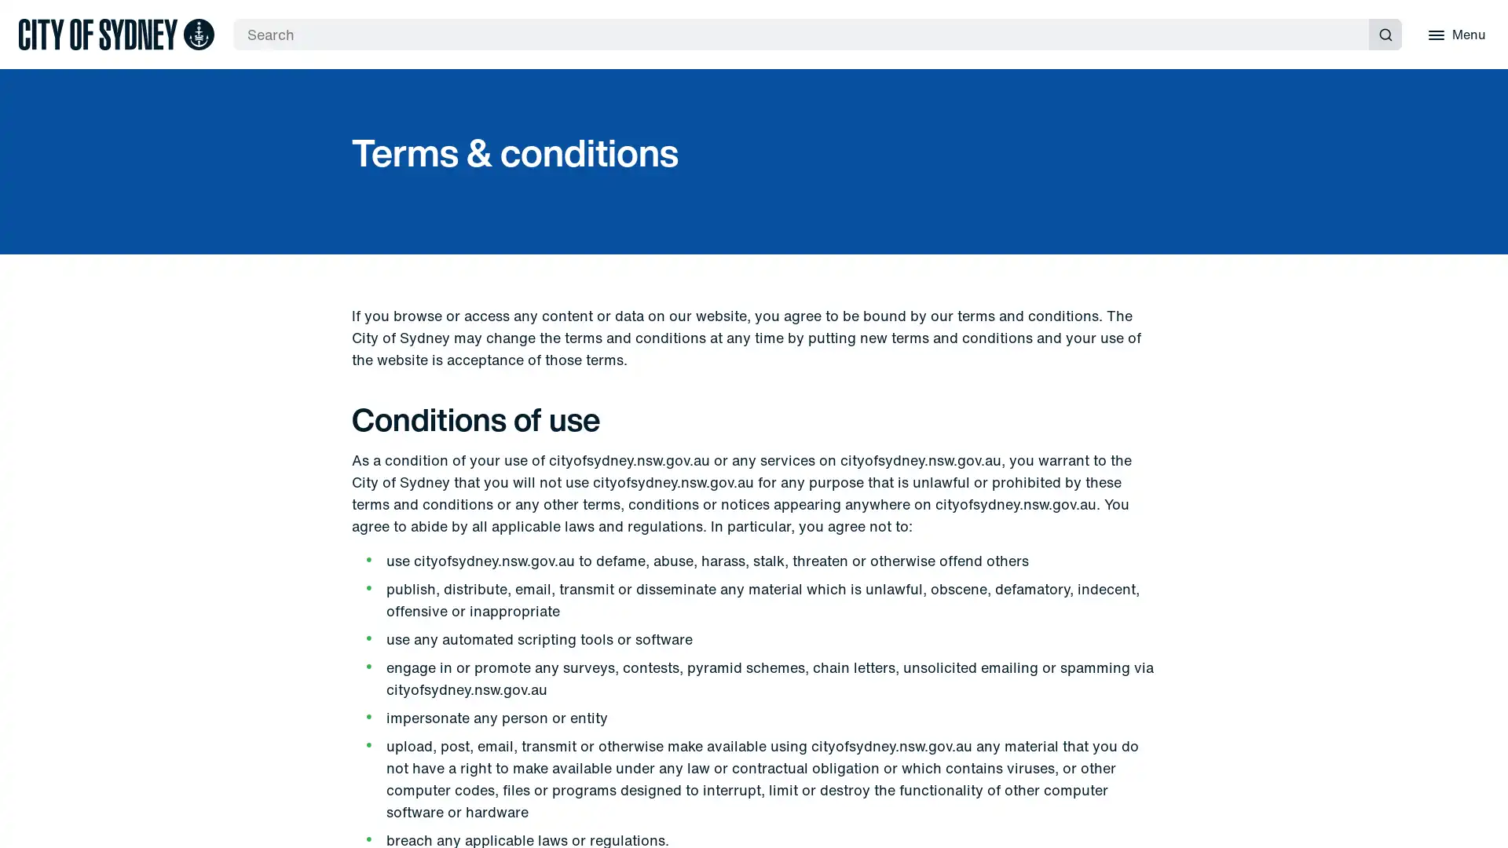 The width and height of the screenshot is (1508, 848). I want to click on Menu, so click(1454, 34).